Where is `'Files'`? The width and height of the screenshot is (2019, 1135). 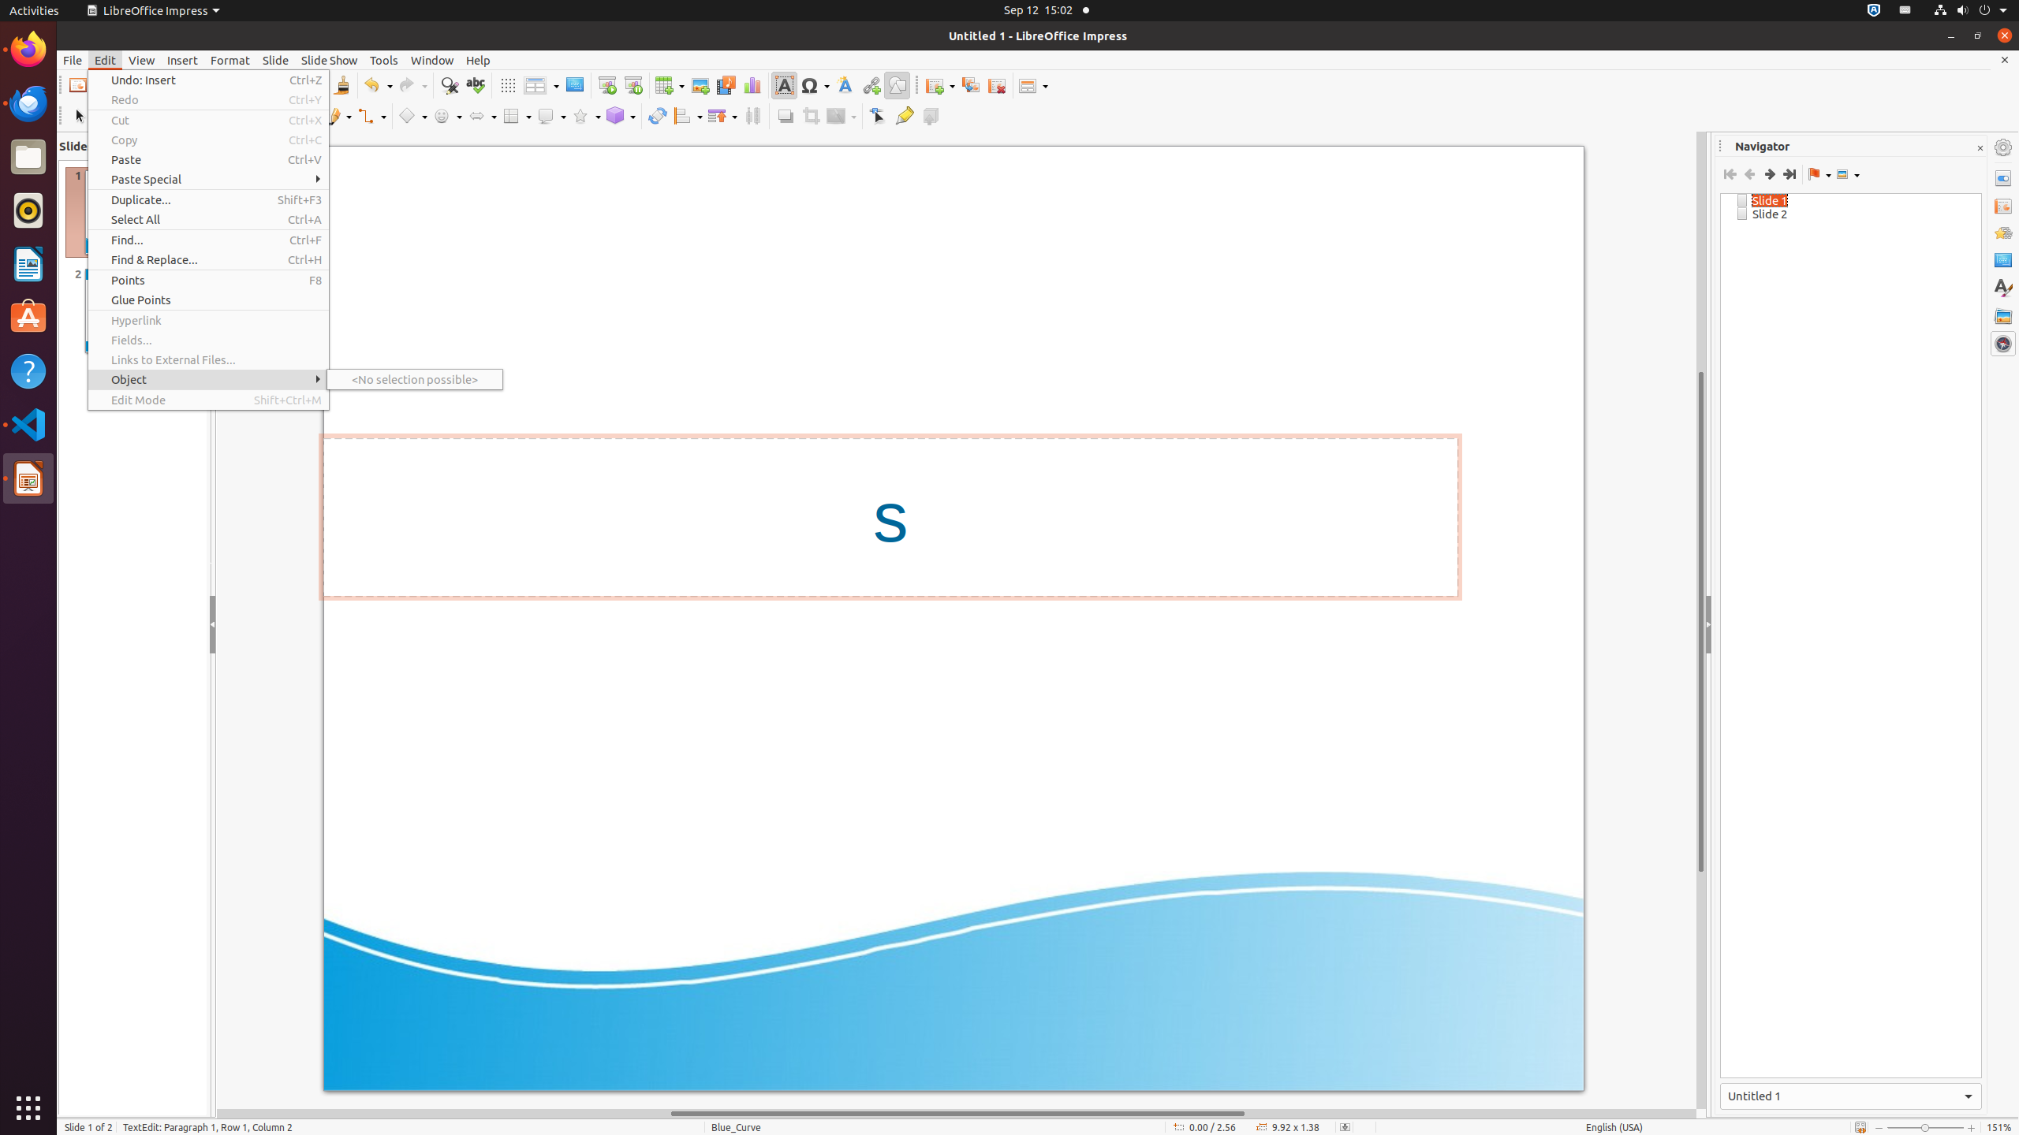
'Files' is located at coordinates (28, 157).